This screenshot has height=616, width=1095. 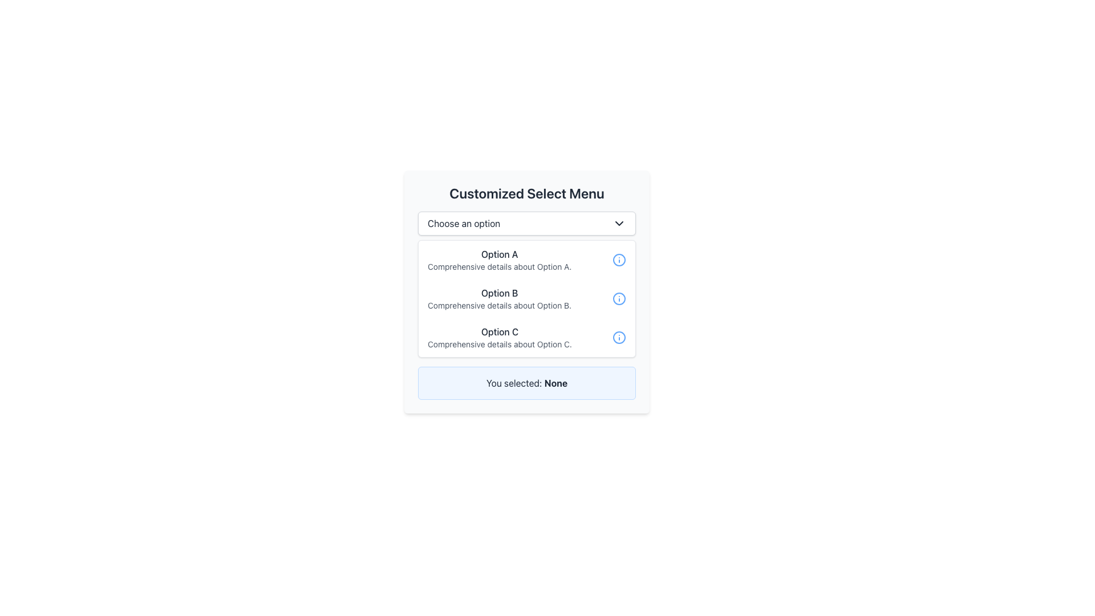 I want to click on the second option in the dropdown menu titled 'Choose an option', so click(x=526, y=298).